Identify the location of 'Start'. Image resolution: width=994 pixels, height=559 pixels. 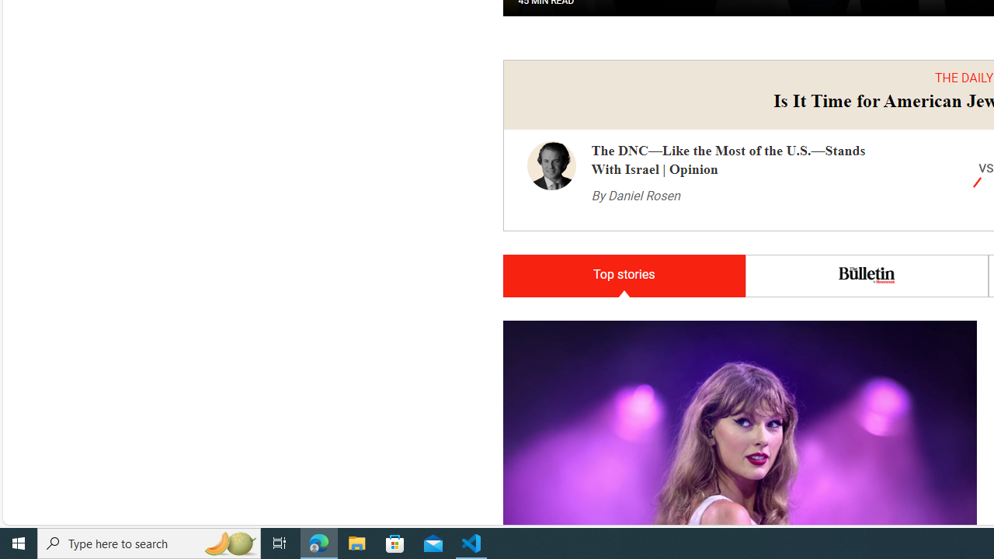
(19, 542).